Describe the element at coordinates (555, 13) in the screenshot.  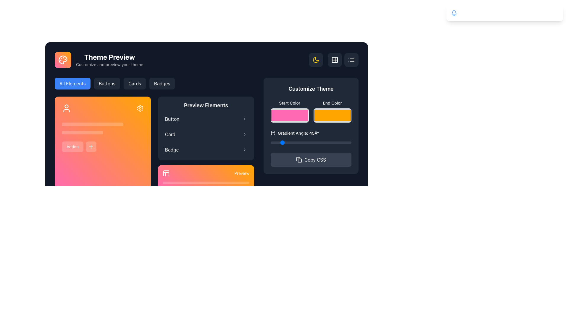
I see `the dismiss button located in the top-right corner of the notification box` at that location.